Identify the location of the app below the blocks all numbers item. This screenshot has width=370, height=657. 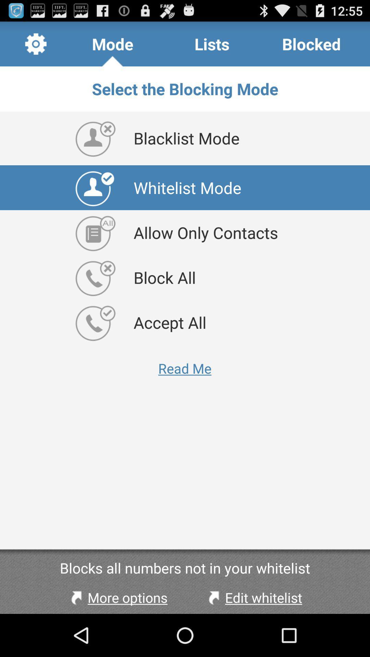
(117, 597).